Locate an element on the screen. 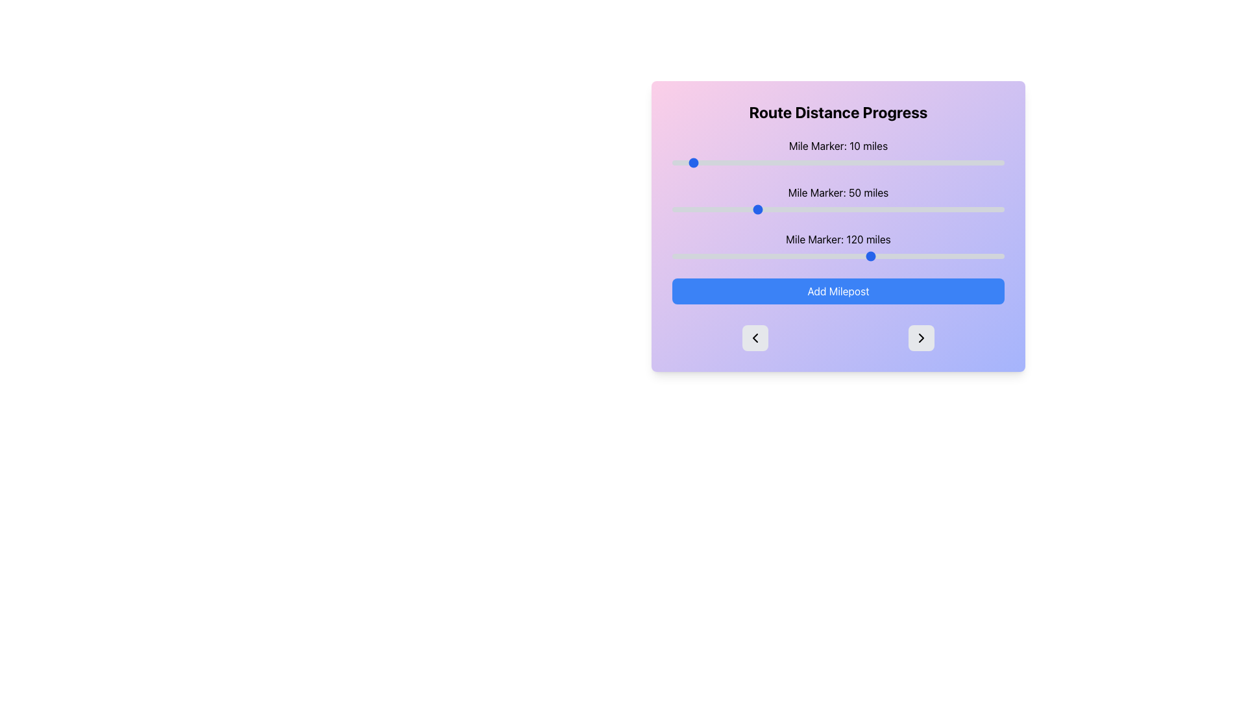 The height and width of the screenshot is (701, 1246). the mile marker is located at coordinates (872, 256).